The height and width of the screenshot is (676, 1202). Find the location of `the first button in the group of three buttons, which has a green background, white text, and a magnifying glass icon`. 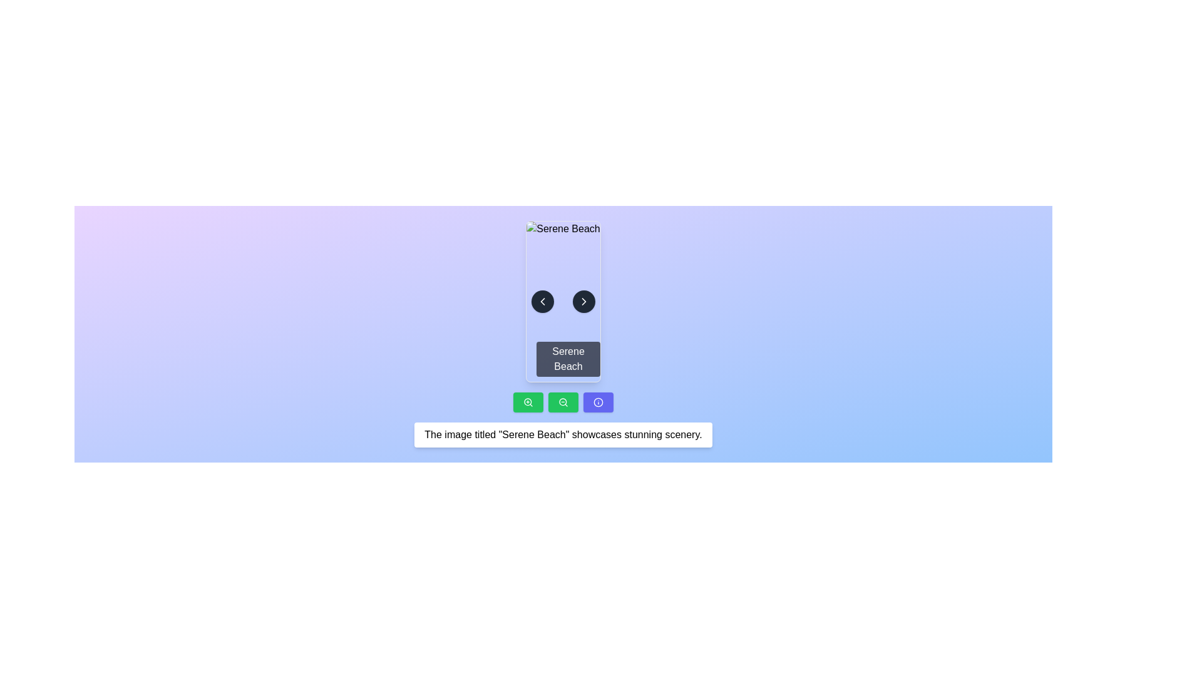

the first button in the group of three buttons, which has a green background, white text, and a magnifying glass icon is located at coordinates (528, 402).